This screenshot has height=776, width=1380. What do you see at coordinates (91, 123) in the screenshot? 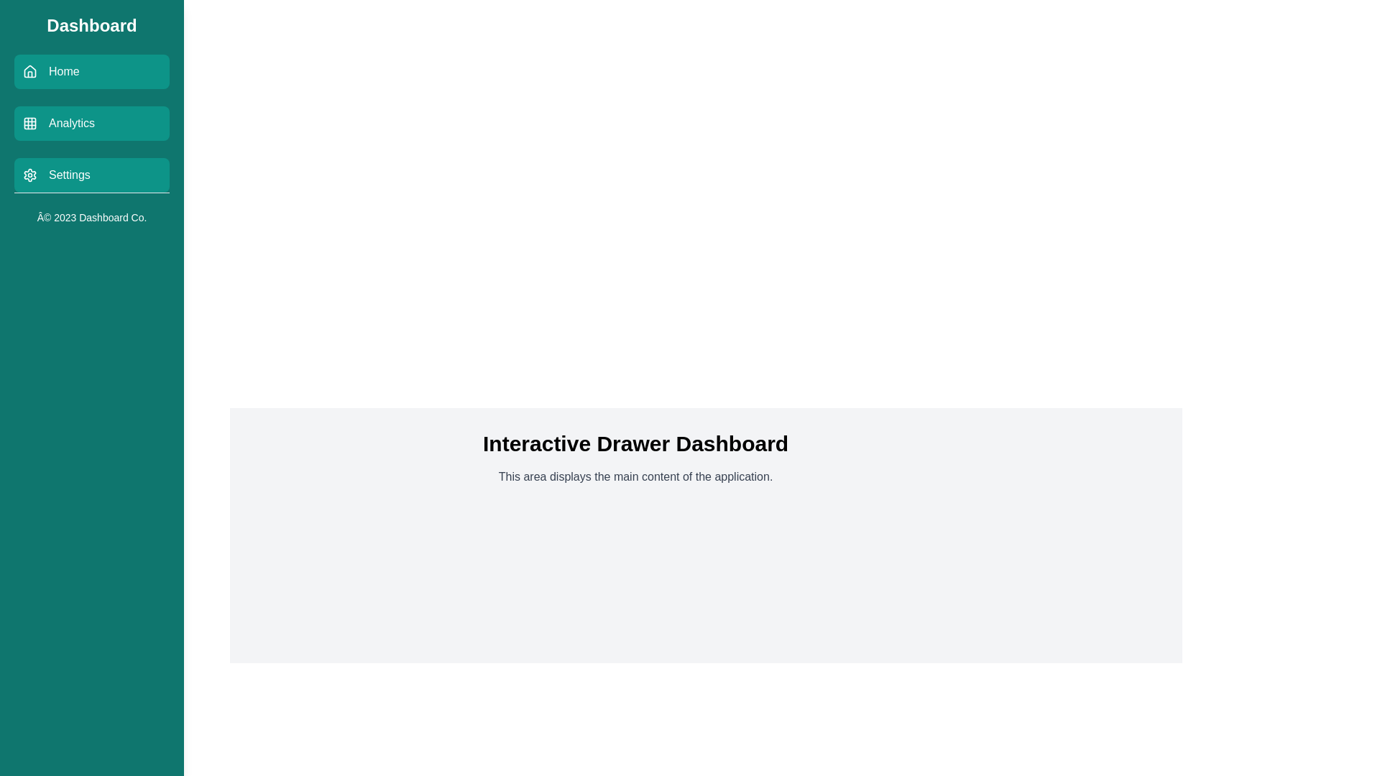
I see `the menu item labeled Analytics to navigate to the corresponding section` at bounding box center [91, 123].